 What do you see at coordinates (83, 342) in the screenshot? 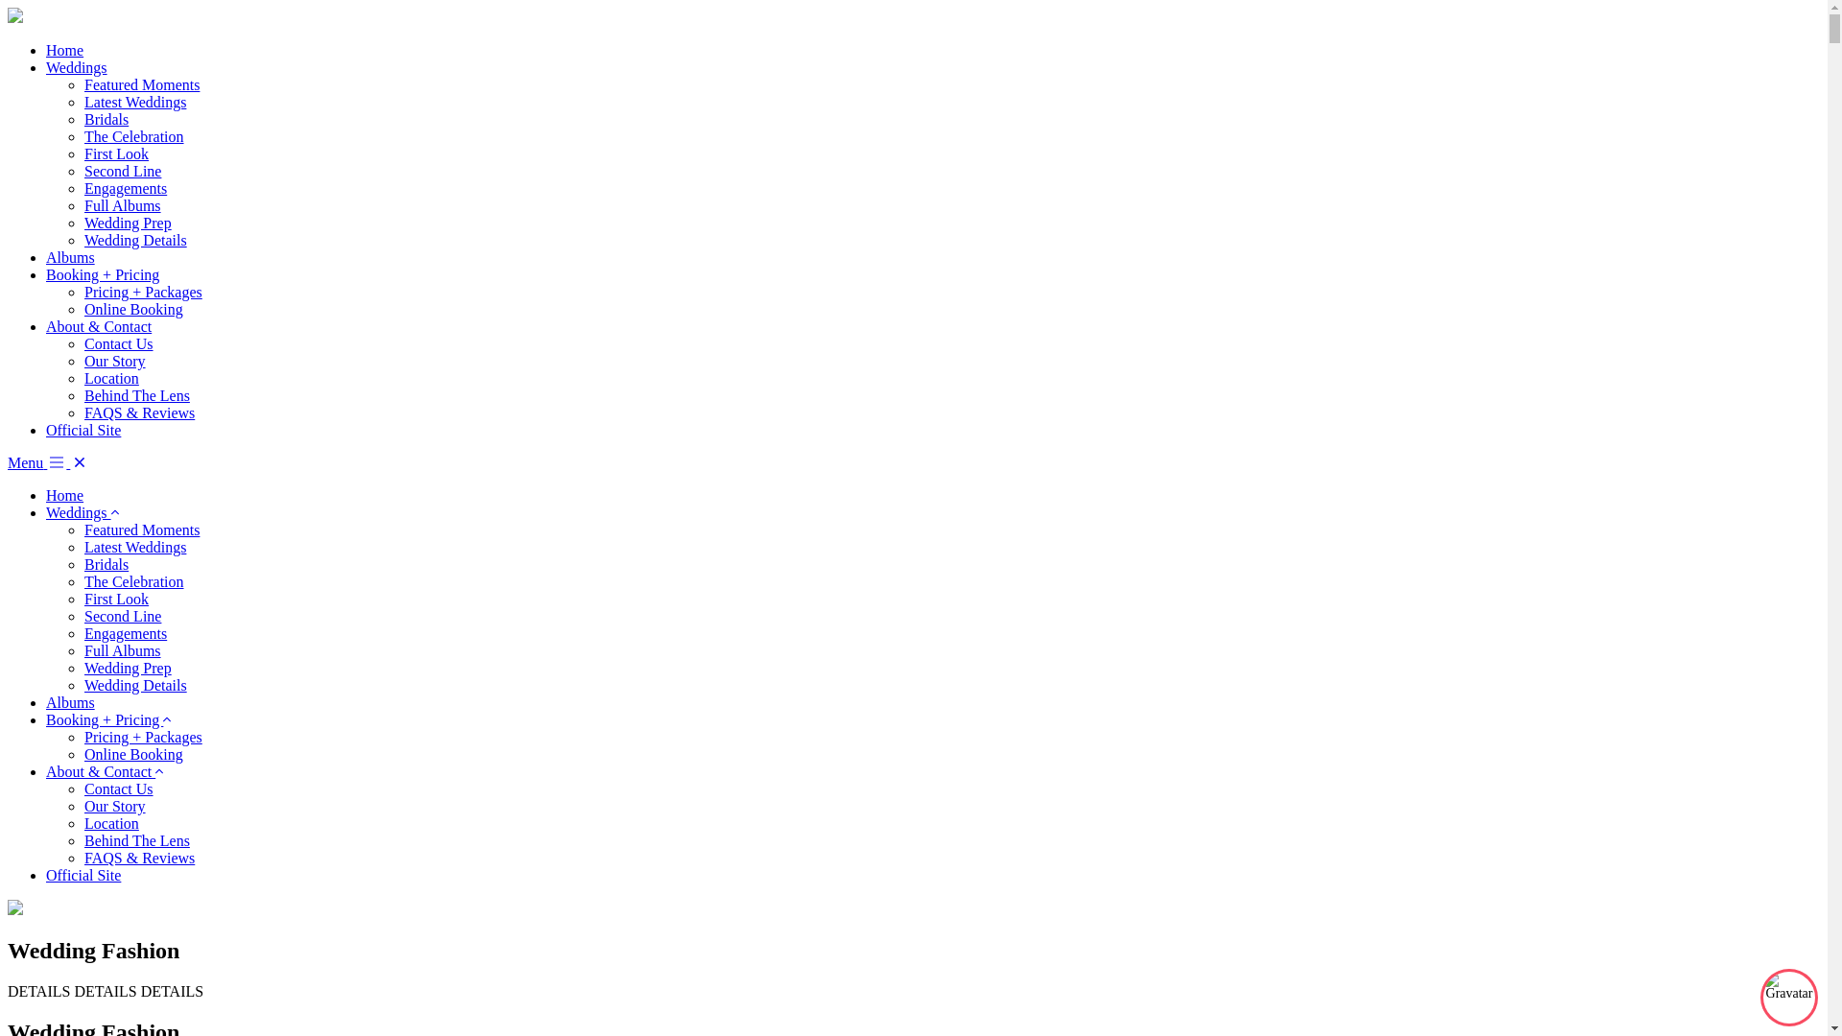
I see `'Contact Us'` at bounding box center [83, 342].